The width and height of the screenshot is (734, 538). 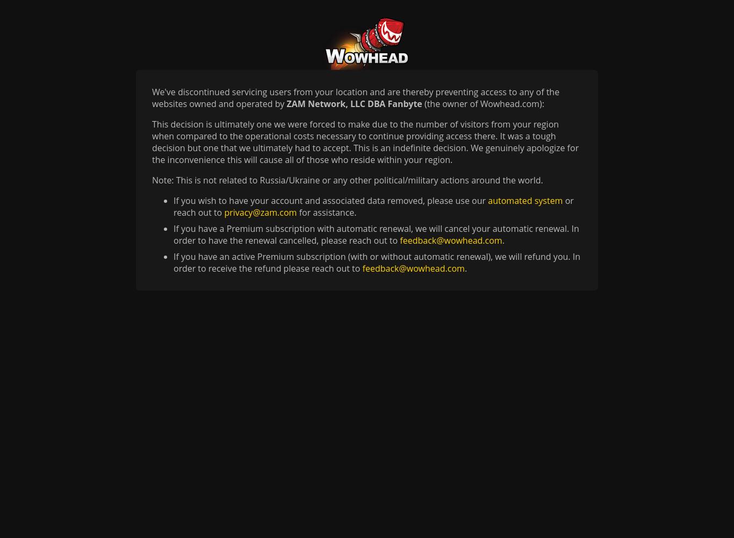 What do you see at coordinates (326, 213) in the screenshot?
I see `'for assistance.'` at bounding box center [326, 213].